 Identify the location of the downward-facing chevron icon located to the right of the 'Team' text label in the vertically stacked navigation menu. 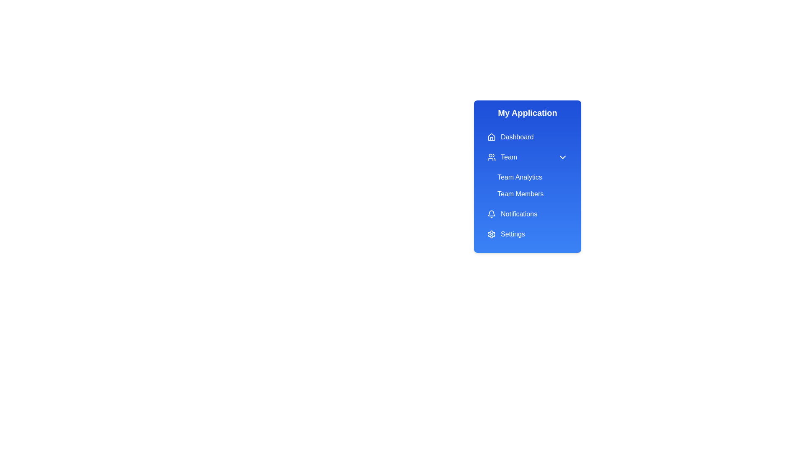
(563, 157).